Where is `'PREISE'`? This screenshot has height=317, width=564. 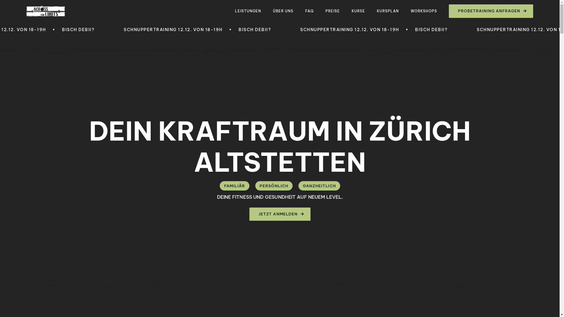 'PREISE' is located at coordinates (338, 11).